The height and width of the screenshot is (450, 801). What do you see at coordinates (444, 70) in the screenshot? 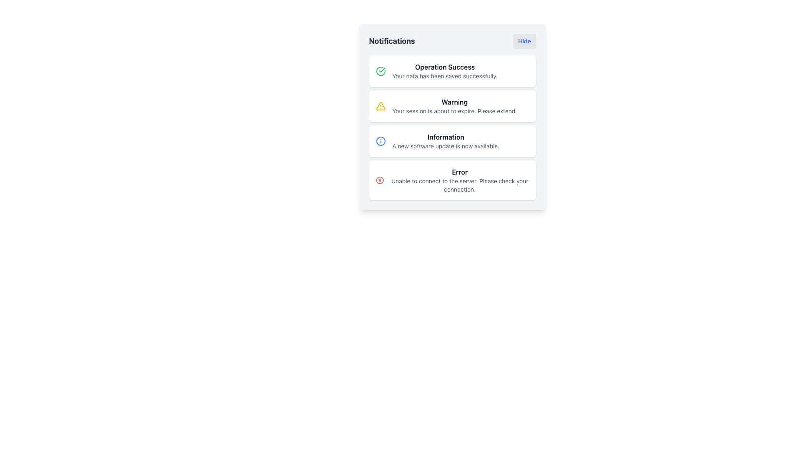
I see `contents of the success message displayed in the Text Display (Notification Message) located at the top of the notification list beneath the green check icon` at bounding box center [444, 70].